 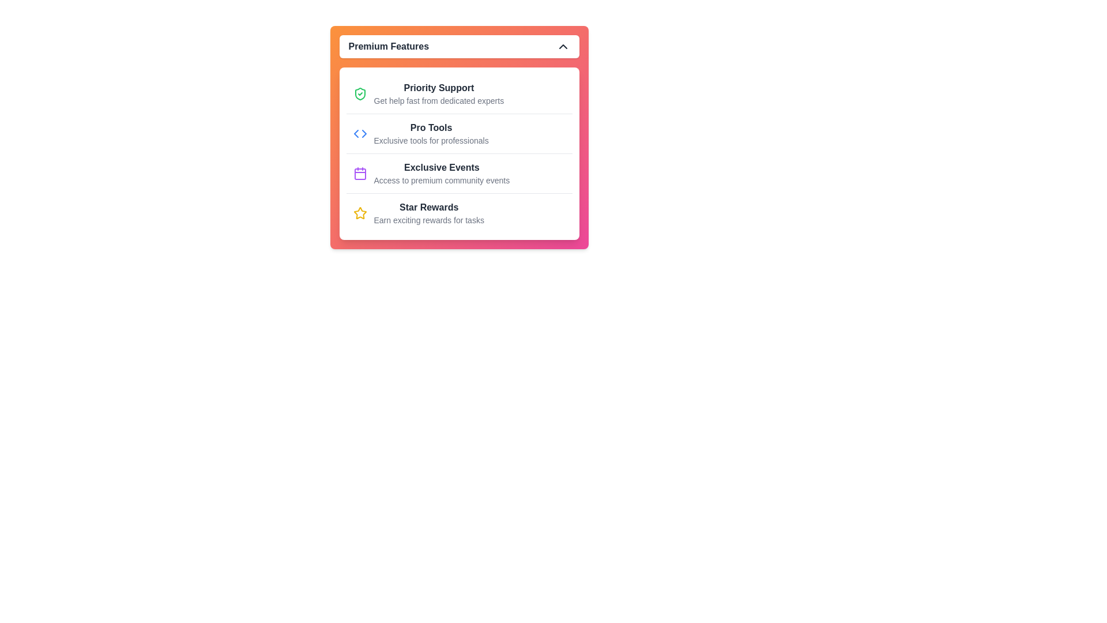 What do you see at coordinates (359, 213) in the screenshot?
I see `the star-shaped icon with a vibrant yellow color fill and a darker yellow border, located near the text labeled 'Star Rewards'` at bounding box center [359, 213].